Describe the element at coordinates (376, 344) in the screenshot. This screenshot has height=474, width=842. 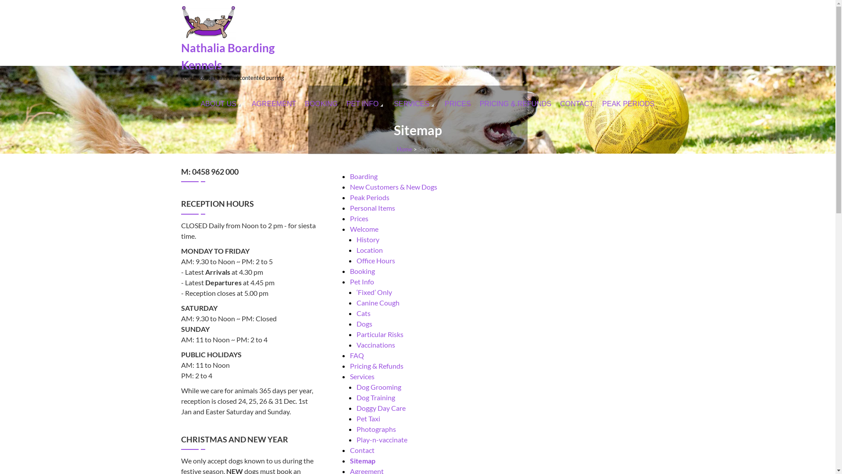
I see `'Vaccinations'` at that location.